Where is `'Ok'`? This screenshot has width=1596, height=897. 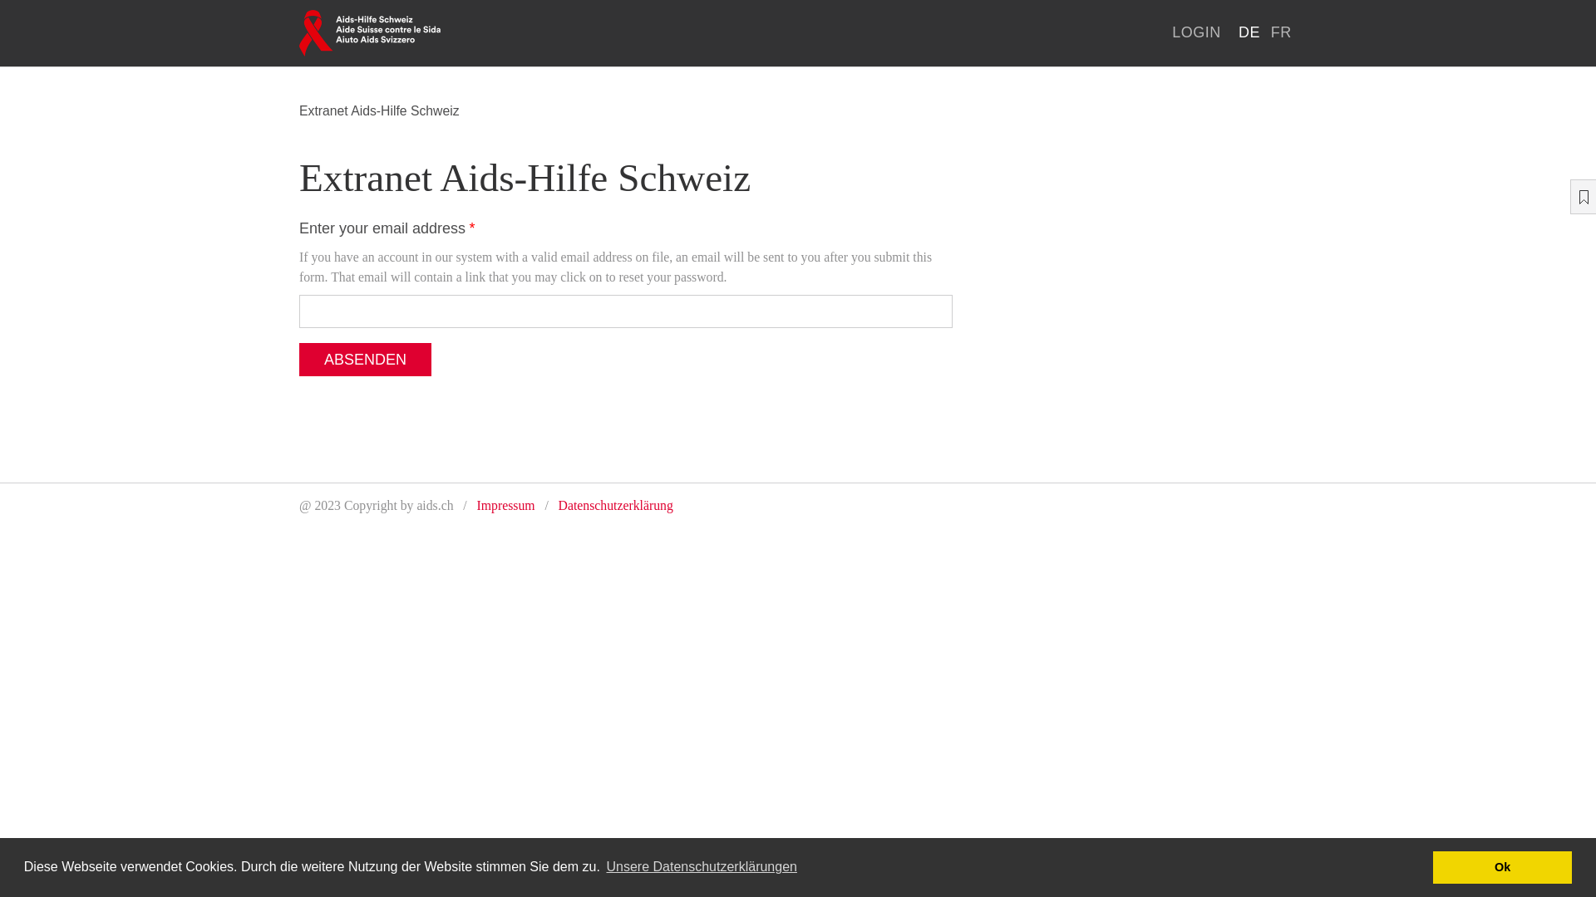 'Ok' is located at coordinates (1431, 866).